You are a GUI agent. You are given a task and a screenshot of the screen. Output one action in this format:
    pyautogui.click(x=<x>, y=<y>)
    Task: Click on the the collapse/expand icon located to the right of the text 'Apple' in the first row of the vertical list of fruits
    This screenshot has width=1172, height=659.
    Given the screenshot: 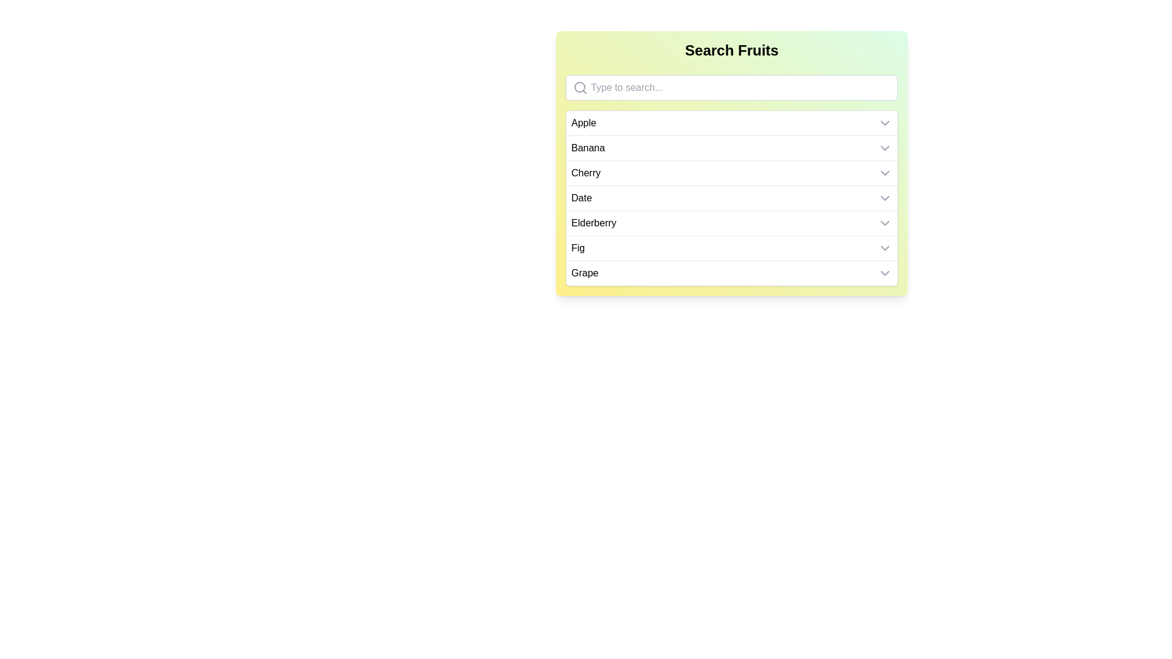 What is the action you would take?
    pyautogui.click(x=884, y=123)
    